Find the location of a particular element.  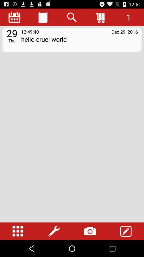

write a comment is located at coordinates (126, 231).